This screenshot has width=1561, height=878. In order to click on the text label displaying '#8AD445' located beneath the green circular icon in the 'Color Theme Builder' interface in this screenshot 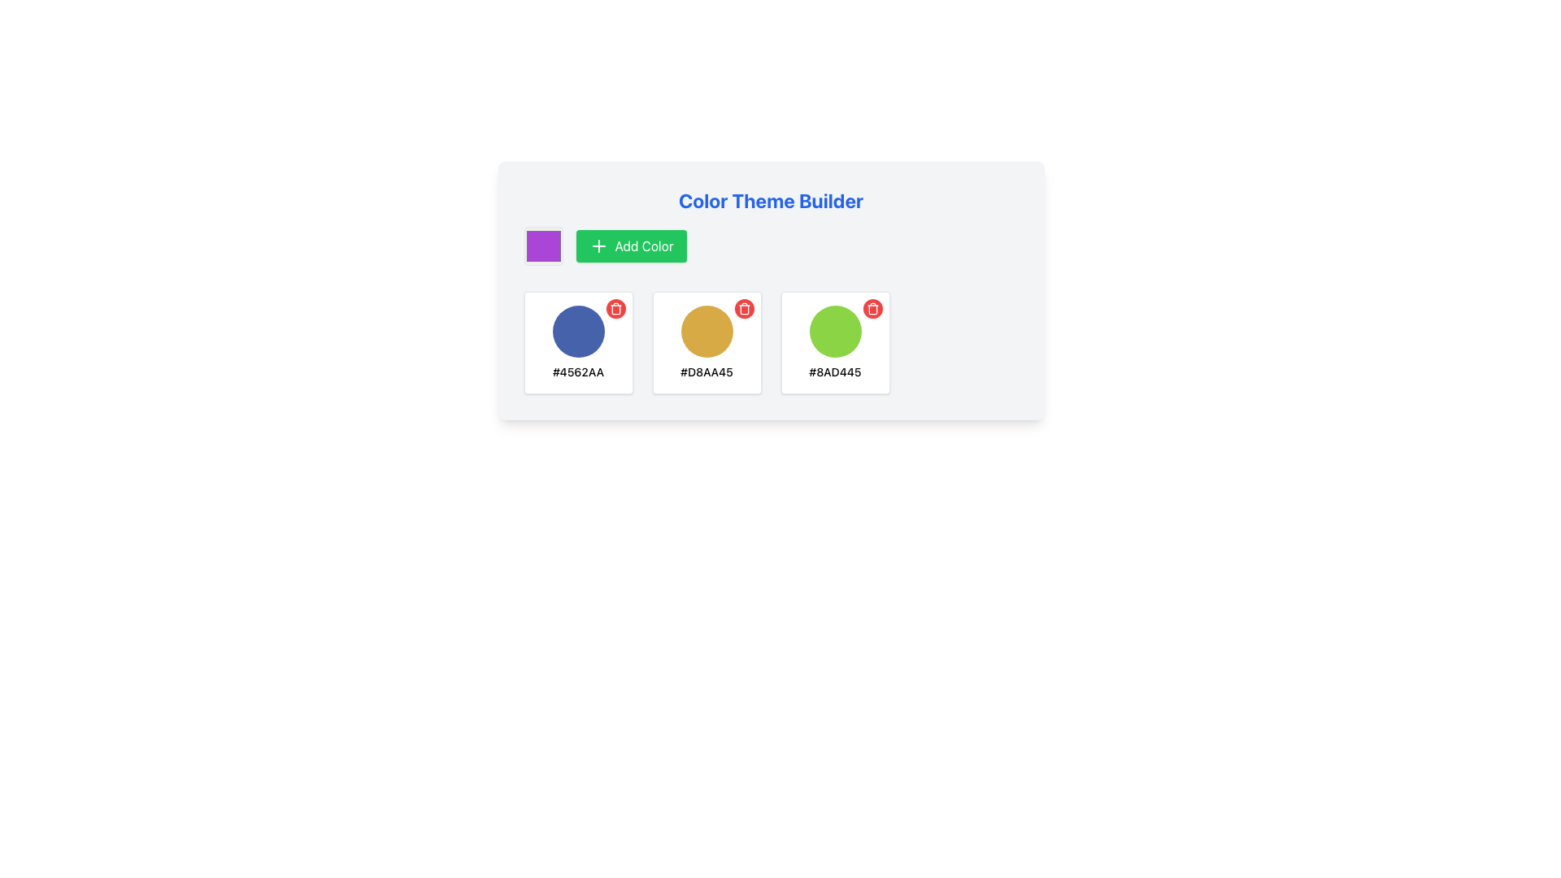, I will do `click(835, 372)`.